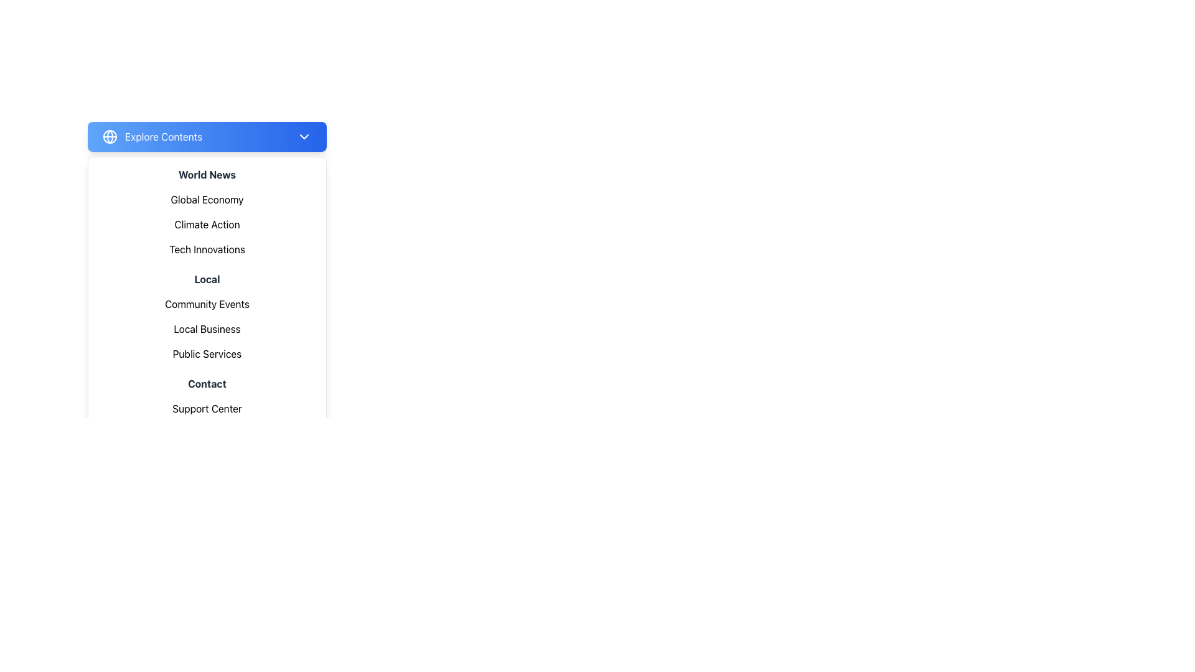 The width and height of the screenshot is (1195, 672). What do you see at coordinates (207, 175) in the screenshot?
I see `the static text element that serves as a heading in the dropdown menu, positioned just below the blue header bar and above the sibling elements` at bounding box center [207, 175].